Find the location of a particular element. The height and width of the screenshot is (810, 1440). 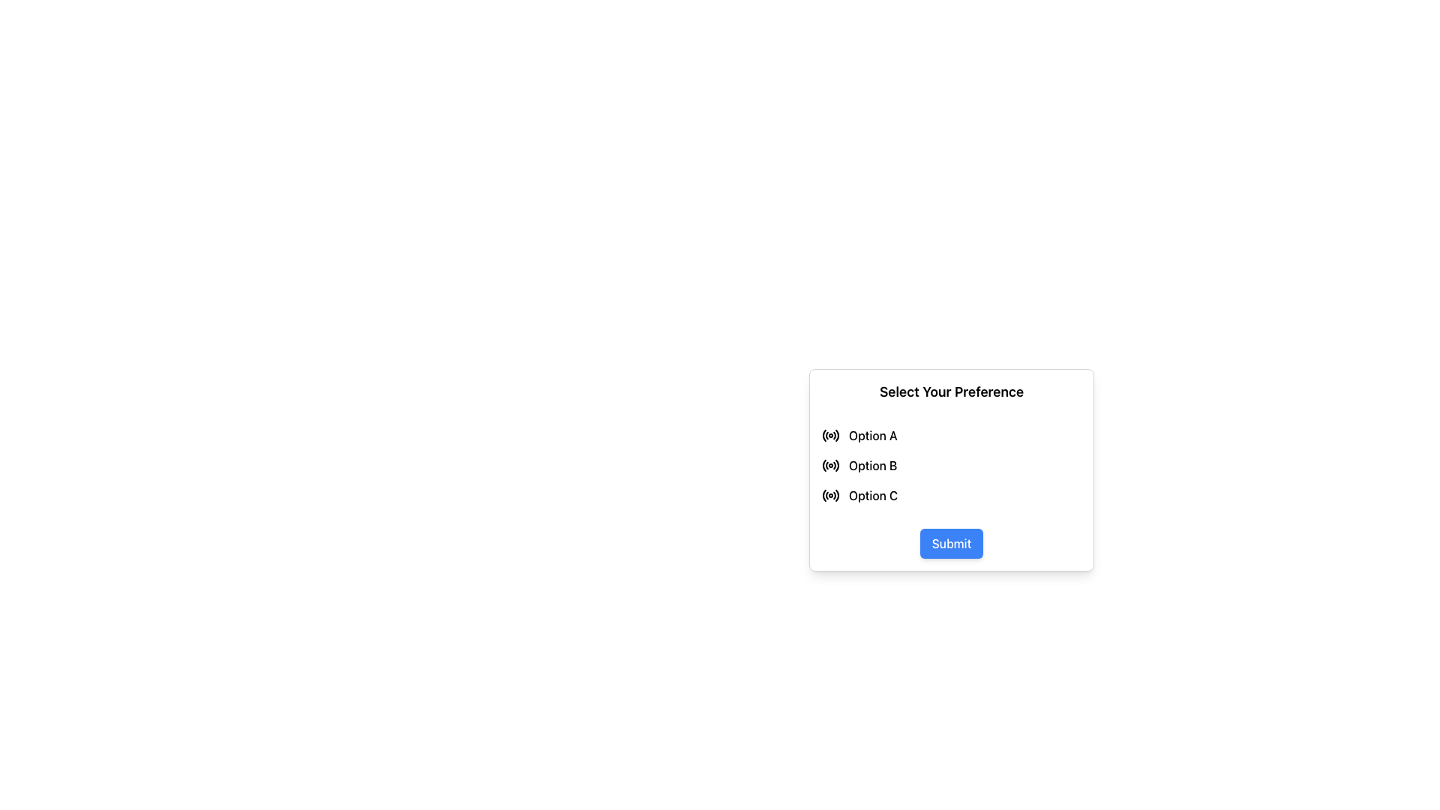

the fourth curved line segment of the radio icon, which is part of a group of similar paths arranged concentrically near the bottom-right is located at coordinates (834, 436).